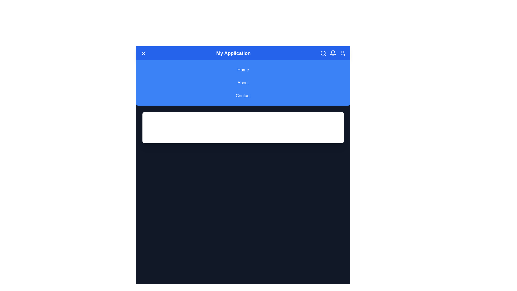  Describe the element at coordinates (333, 53) in the screenshot. I see `the notification icon in the header` at that location.